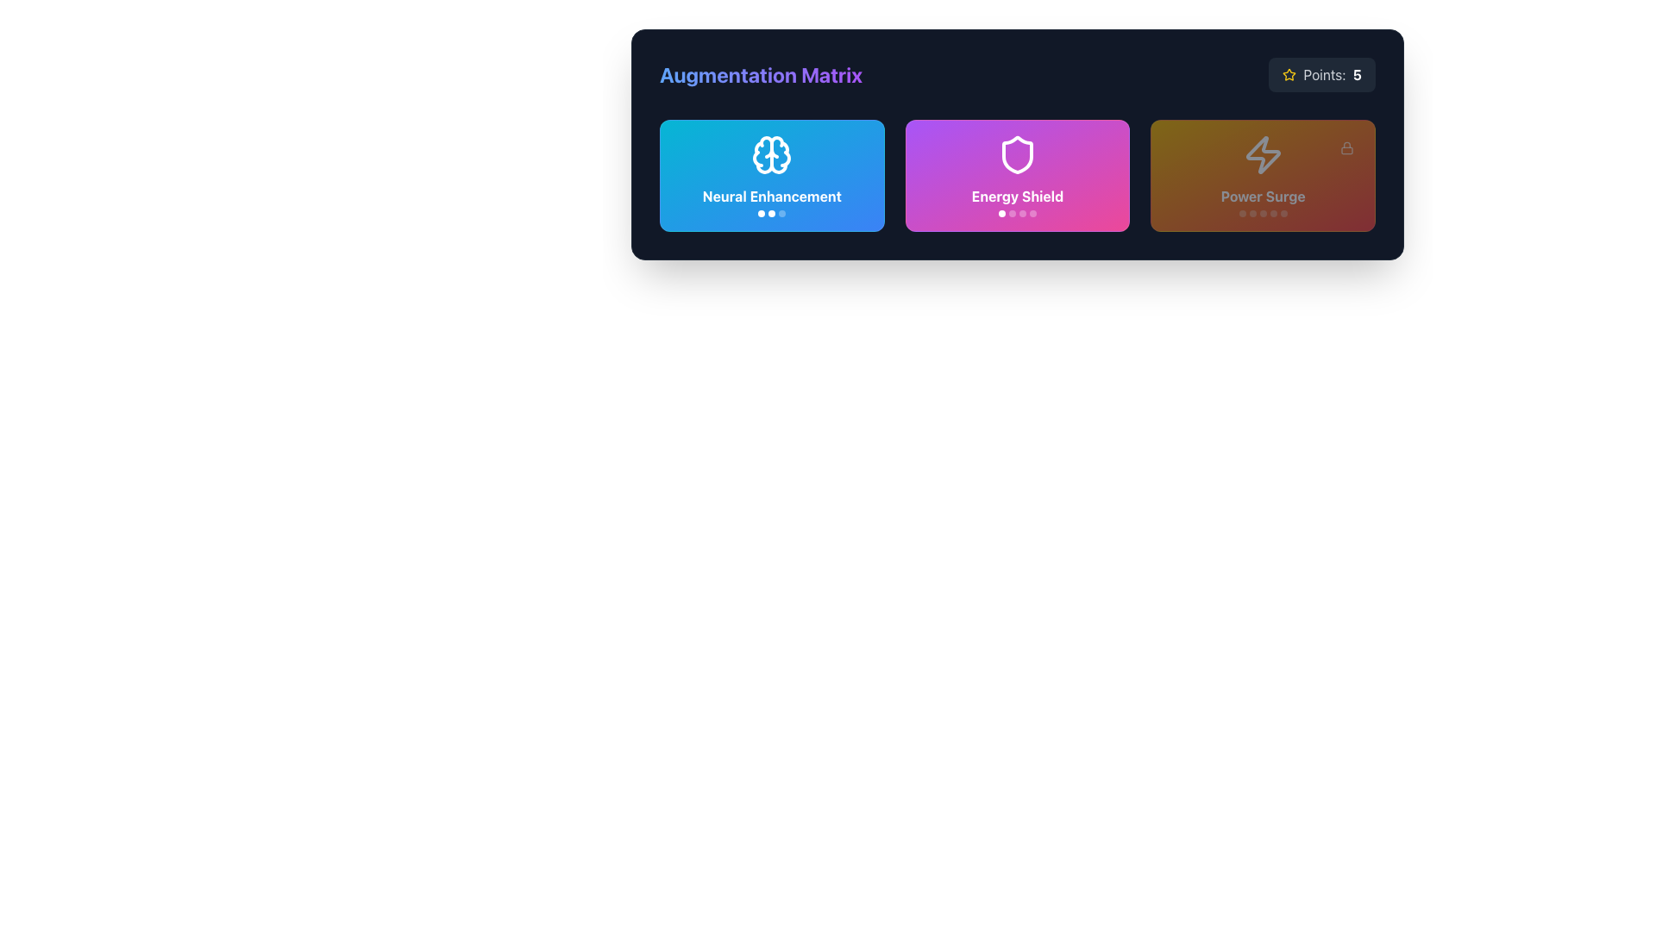  Describe the element at coordinates (1018, 212) in the screenshot. I see `the Progress indicator for the 'Energy Shield' feature, which is centrally located beneath the title 'Energy Shield' within its card` at that location.